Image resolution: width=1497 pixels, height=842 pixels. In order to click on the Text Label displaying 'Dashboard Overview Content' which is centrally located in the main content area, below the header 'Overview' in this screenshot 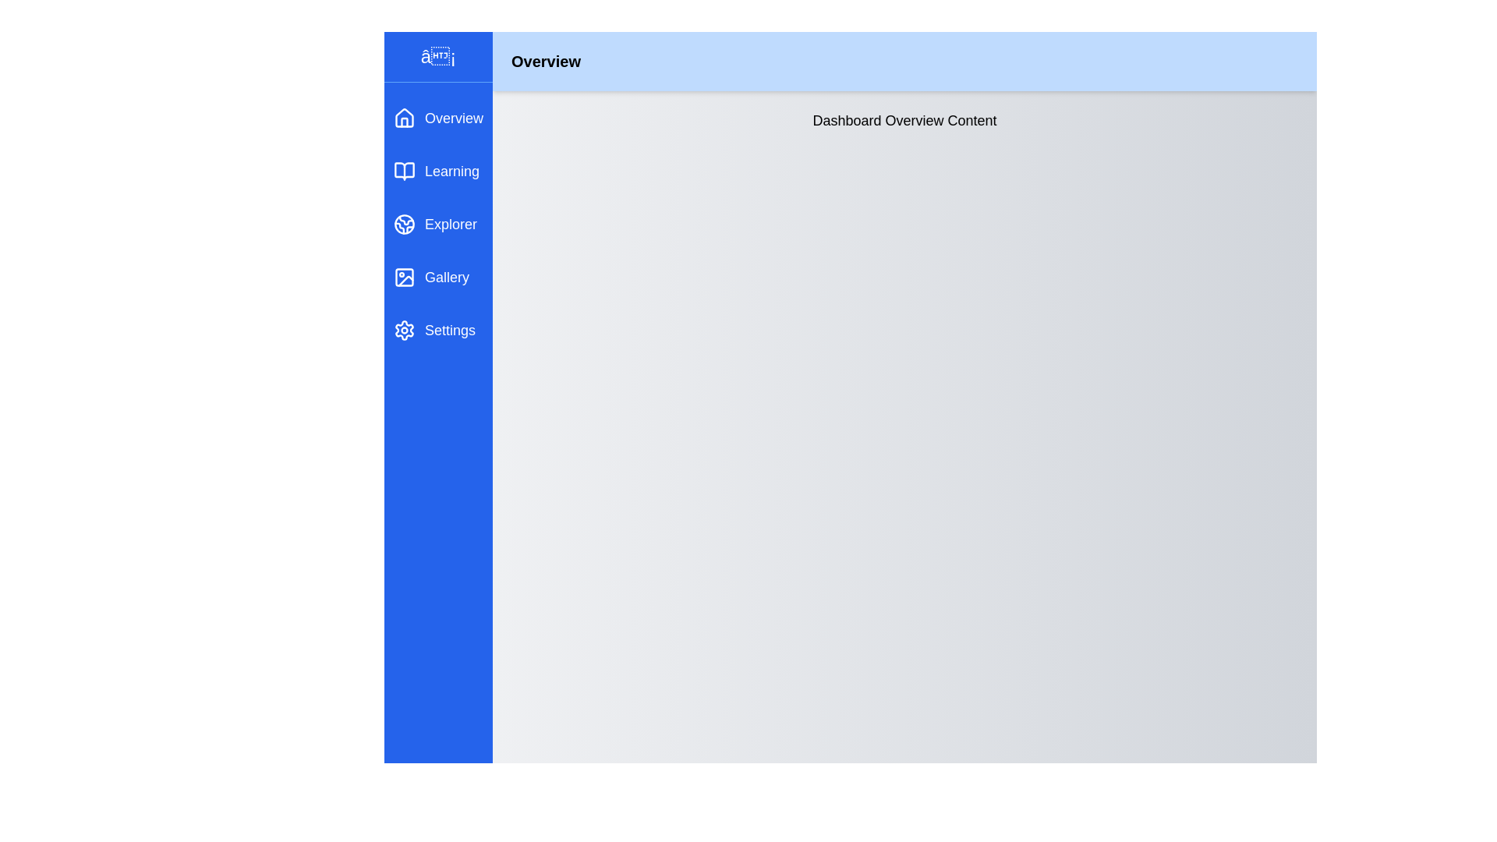, I will do `click(904, 119)`.